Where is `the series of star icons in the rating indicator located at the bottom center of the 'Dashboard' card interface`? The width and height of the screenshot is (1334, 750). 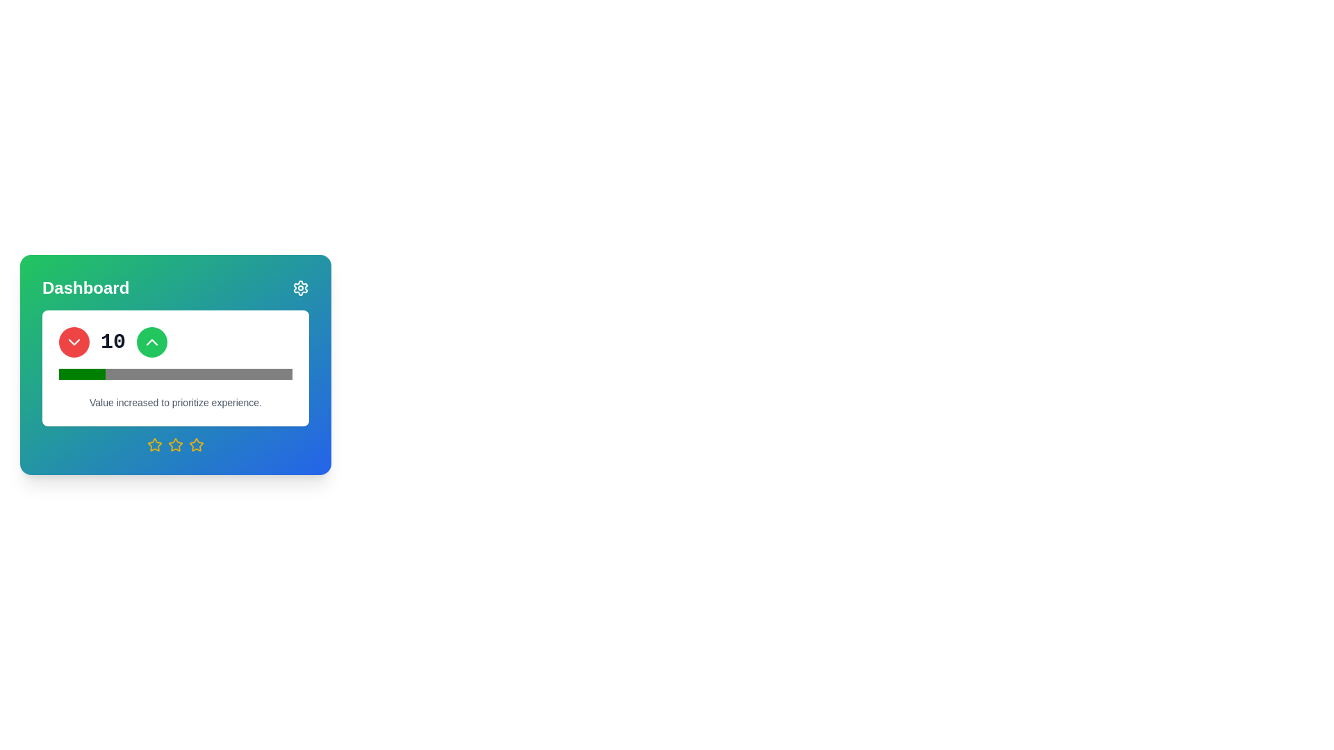
the series of star icons in the rating indicator located at the bottom center of the 'Dashboard' card interface is located at coordinates (175, 444).